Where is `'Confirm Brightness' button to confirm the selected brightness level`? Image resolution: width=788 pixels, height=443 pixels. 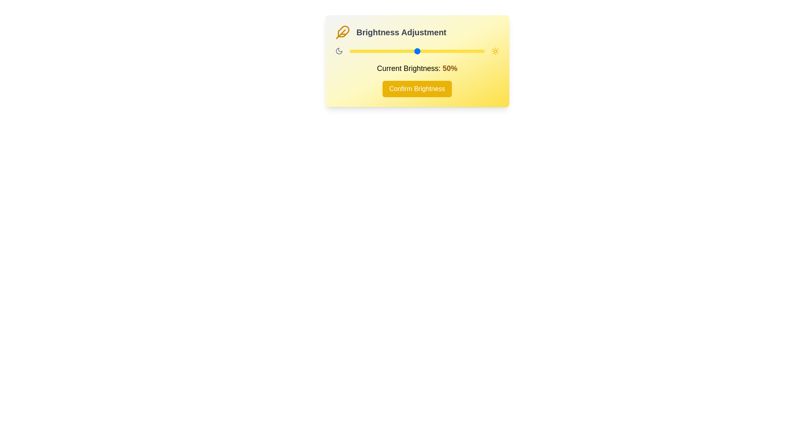
'Confirm Brightness' button to confirm the selected brightness level is located at coordinates (417, 89).